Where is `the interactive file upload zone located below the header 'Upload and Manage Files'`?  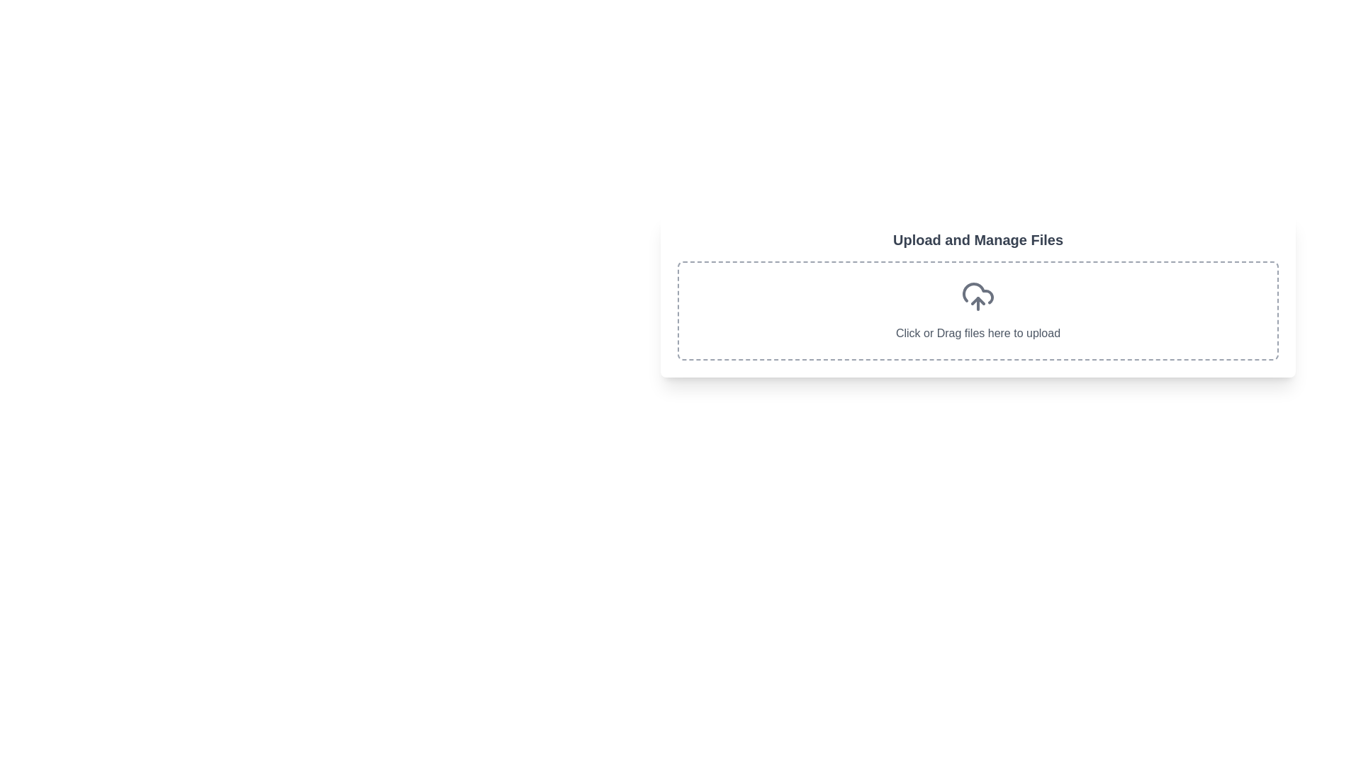 the interactive file upload zone located below the header 'Upload and Manage Files' is located at coordinates (978, 310).